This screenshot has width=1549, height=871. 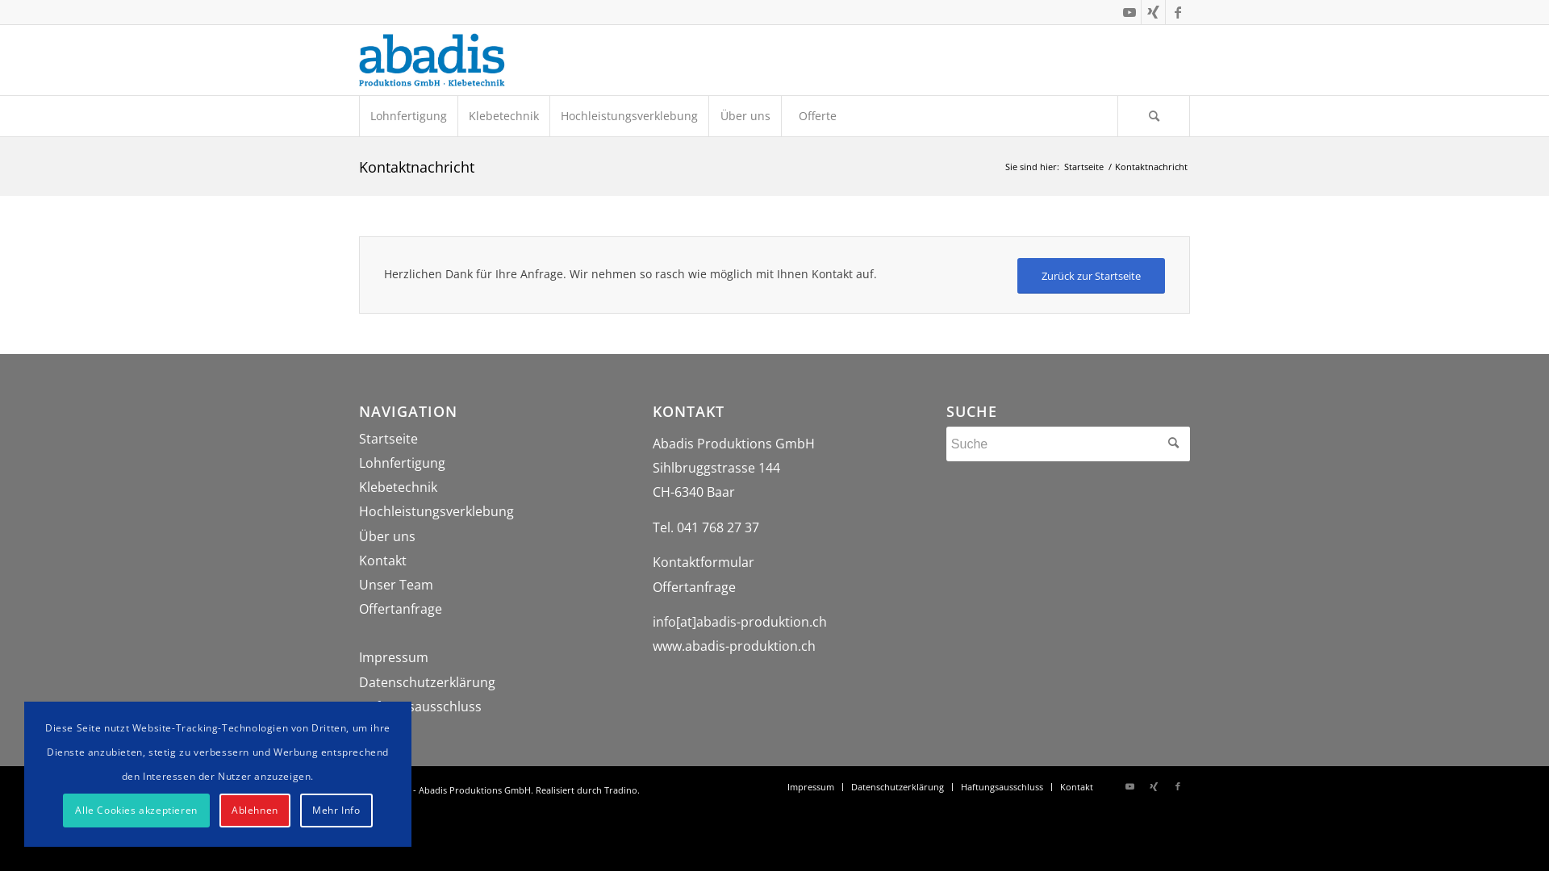 What do you see at coordinates (1141, 786) in the screenshot?
I see `'Xing'` at bounding box center [1141, 786].